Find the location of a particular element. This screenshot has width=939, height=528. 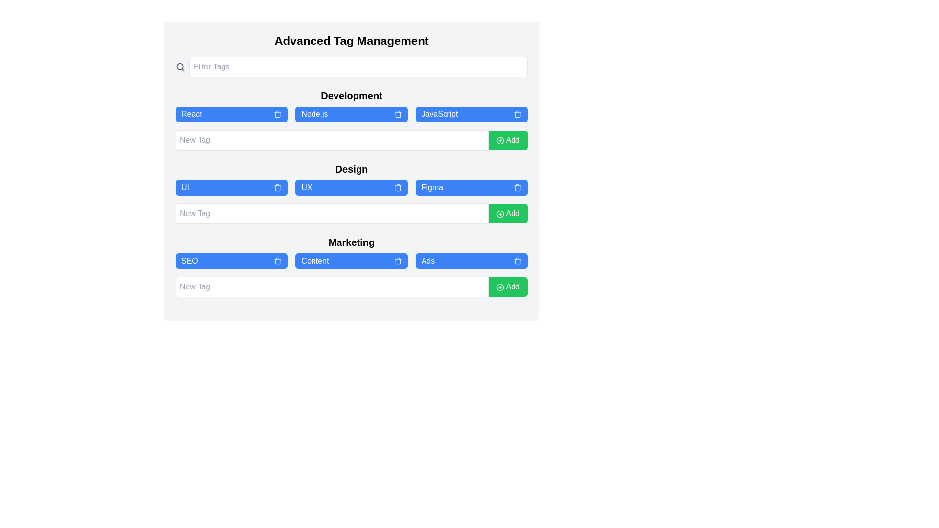

the 'UI' button, which is the first button in the 'Design' section of the grid layout, positioned above the 'Marketing' section and to the left of the 'UX' and 'Figma' buttons is located at coordinates (231, 188).